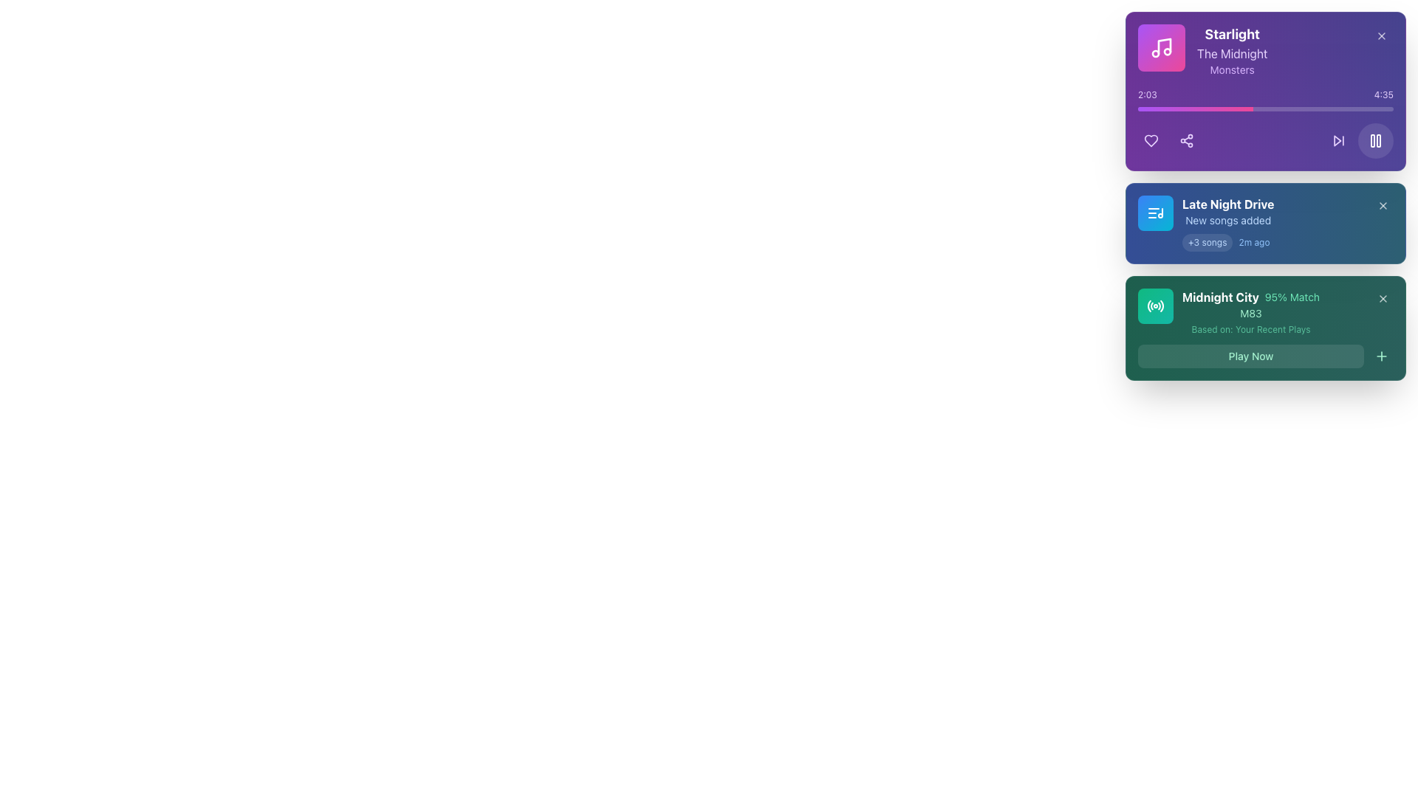 This screenshot has height=797, width=1418. Describe the element at coordinates (1228, 241) in the screenshot. I see `the Label element displaying '+3 songs' and '2m ago', located at the bottom of the 'Late Night Drive' card` at that location.